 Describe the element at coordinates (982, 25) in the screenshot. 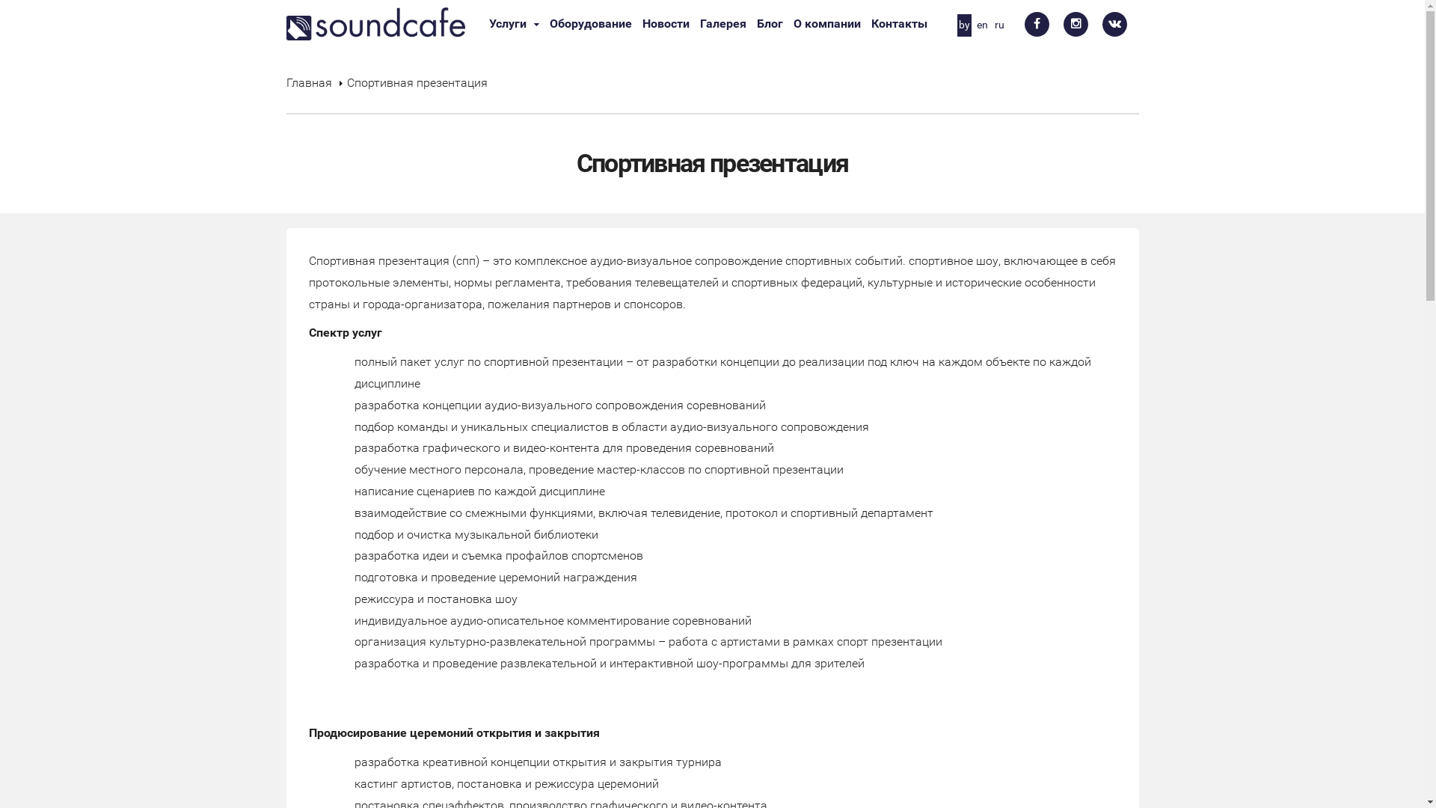

I see `'en'` at that location.